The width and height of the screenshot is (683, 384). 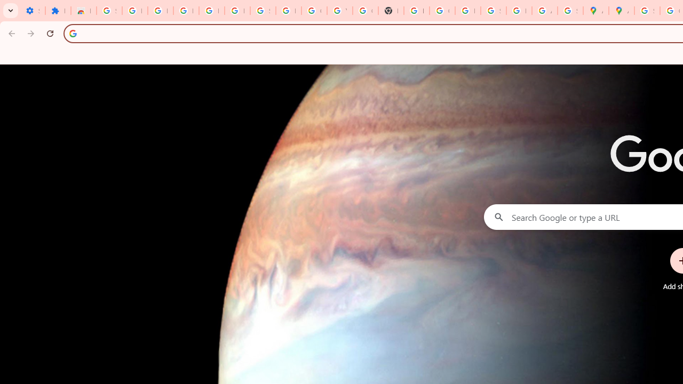 What do you see at coordinates (186, 11) in the screenshot?
I see `'Delete photos & videos - Computer - Google Photos Help'` at bounding box center [186, 11].